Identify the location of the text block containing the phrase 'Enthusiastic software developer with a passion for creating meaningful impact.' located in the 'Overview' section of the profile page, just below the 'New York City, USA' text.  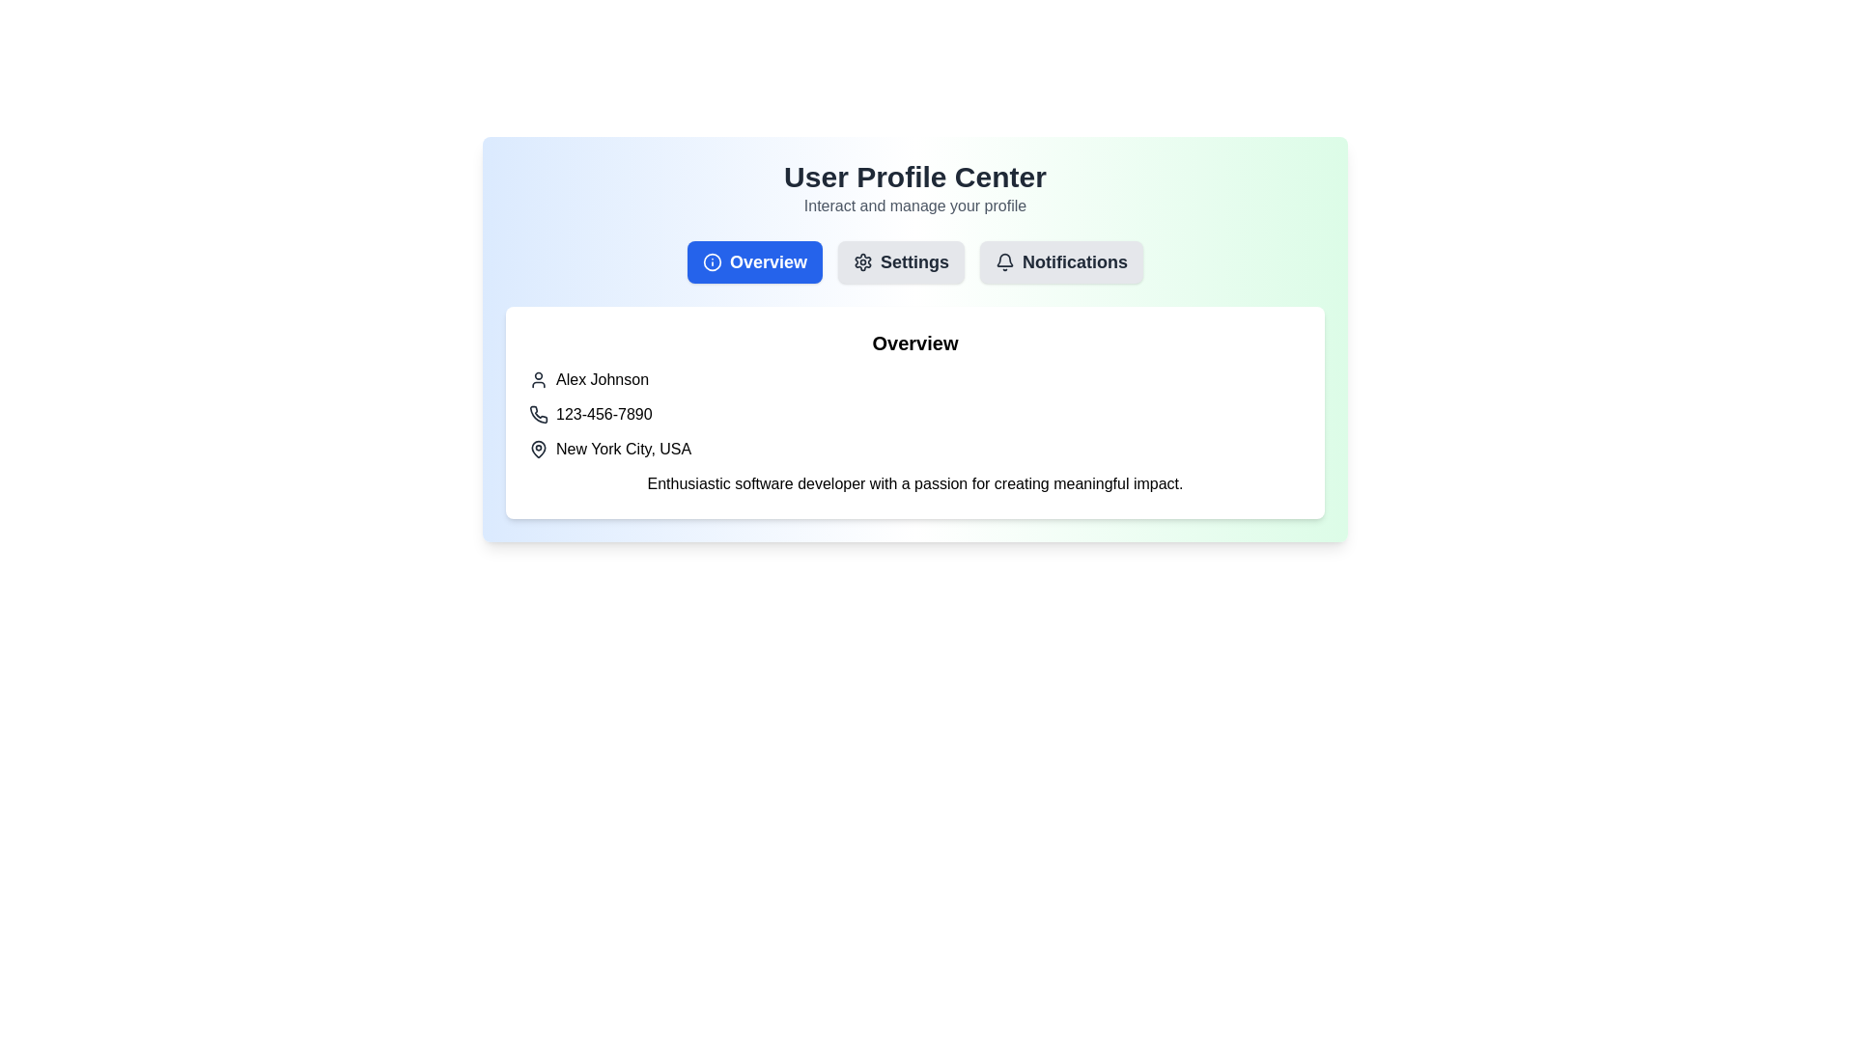
(914, 482).